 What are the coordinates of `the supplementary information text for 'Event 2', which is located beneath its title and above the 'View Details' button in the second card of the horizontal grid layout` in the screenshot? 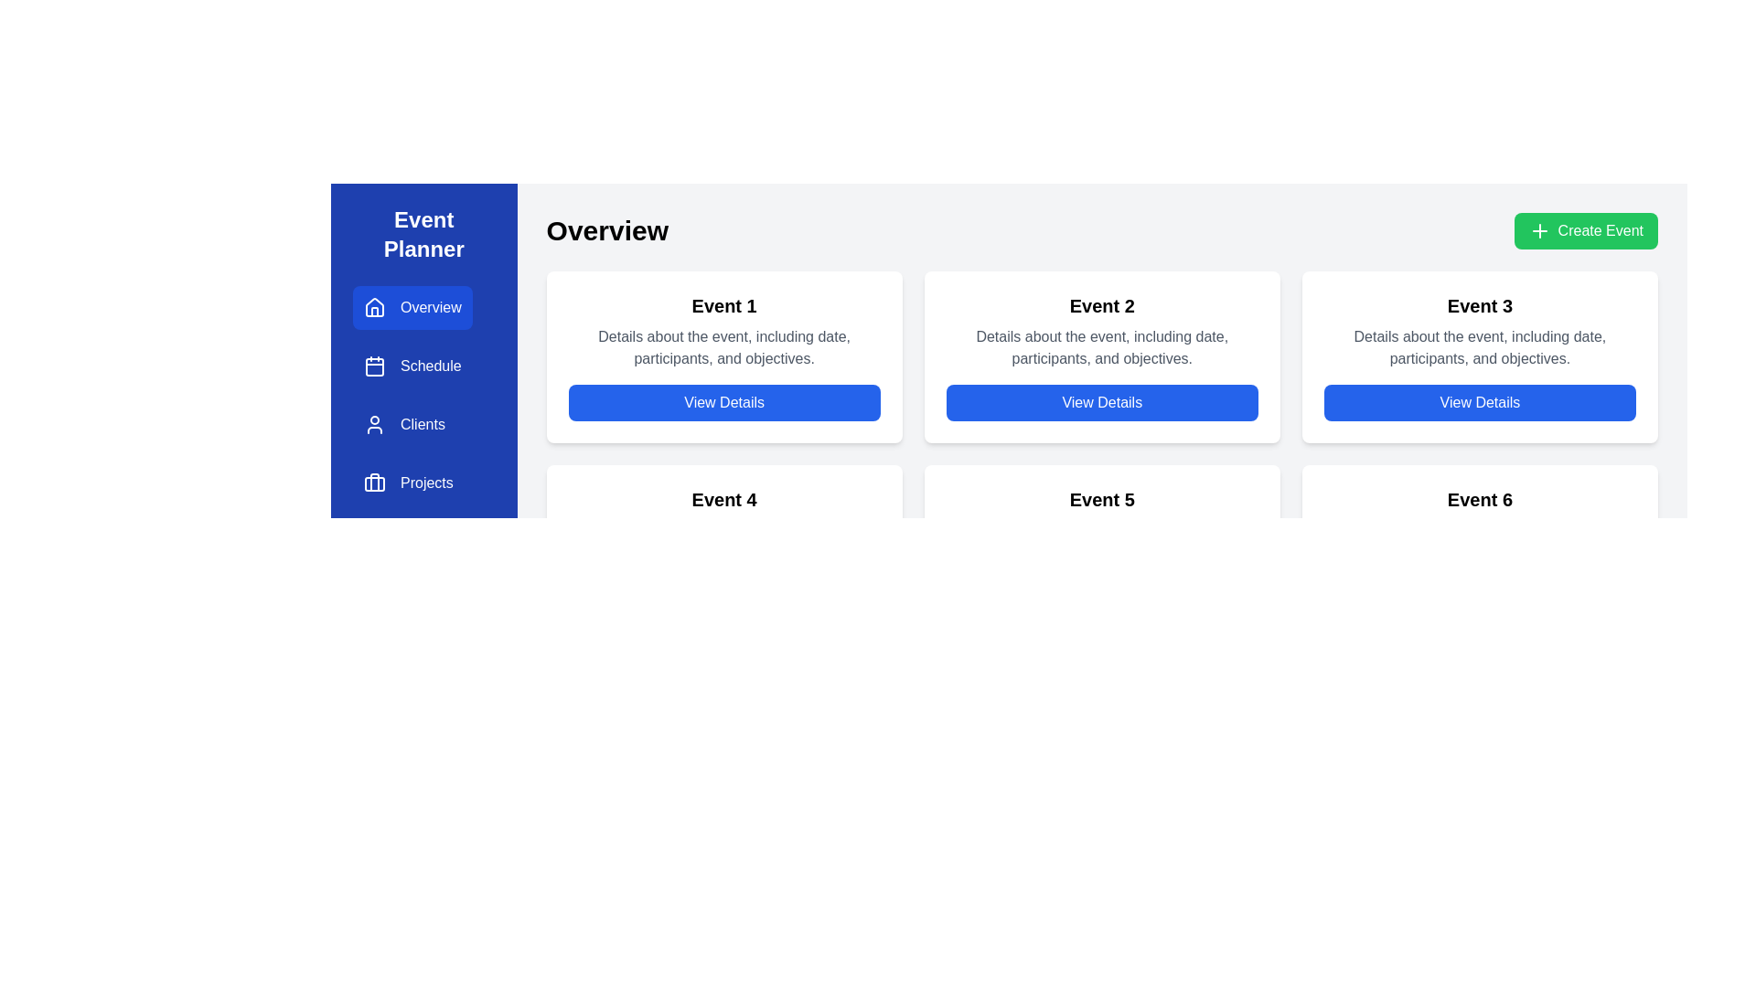 It's located at (1101, 348).